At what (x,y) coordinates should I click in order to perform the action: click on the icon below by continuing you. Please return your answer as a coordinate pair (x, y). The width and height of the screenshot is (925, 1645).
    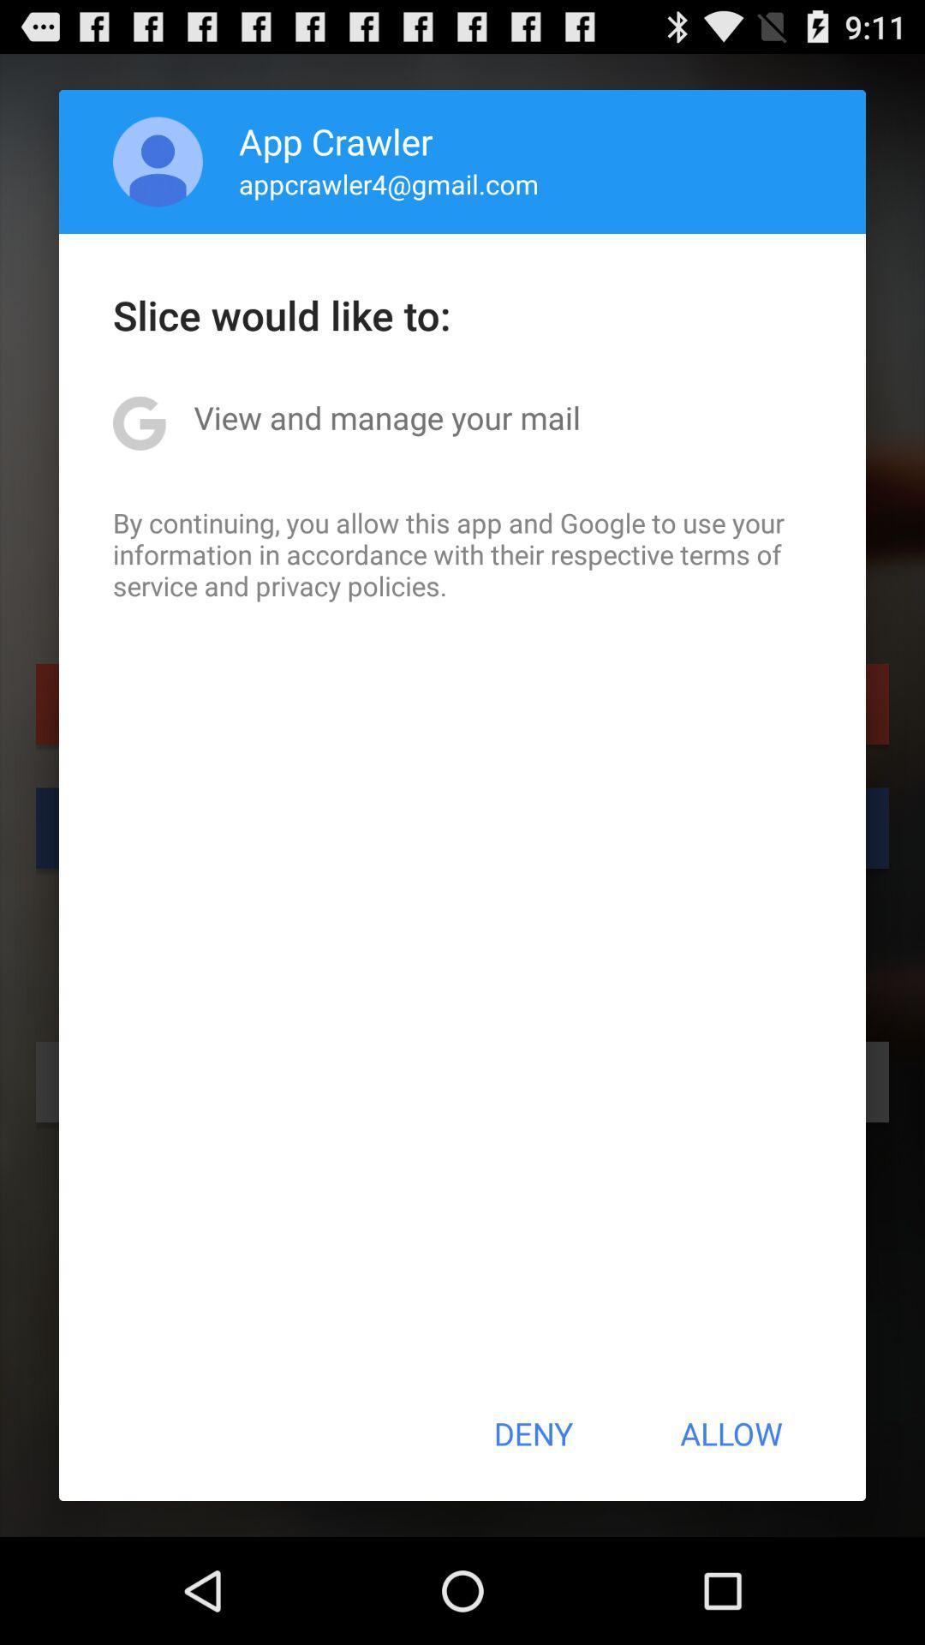
    Looking at the image, I should click on (532, 1433).